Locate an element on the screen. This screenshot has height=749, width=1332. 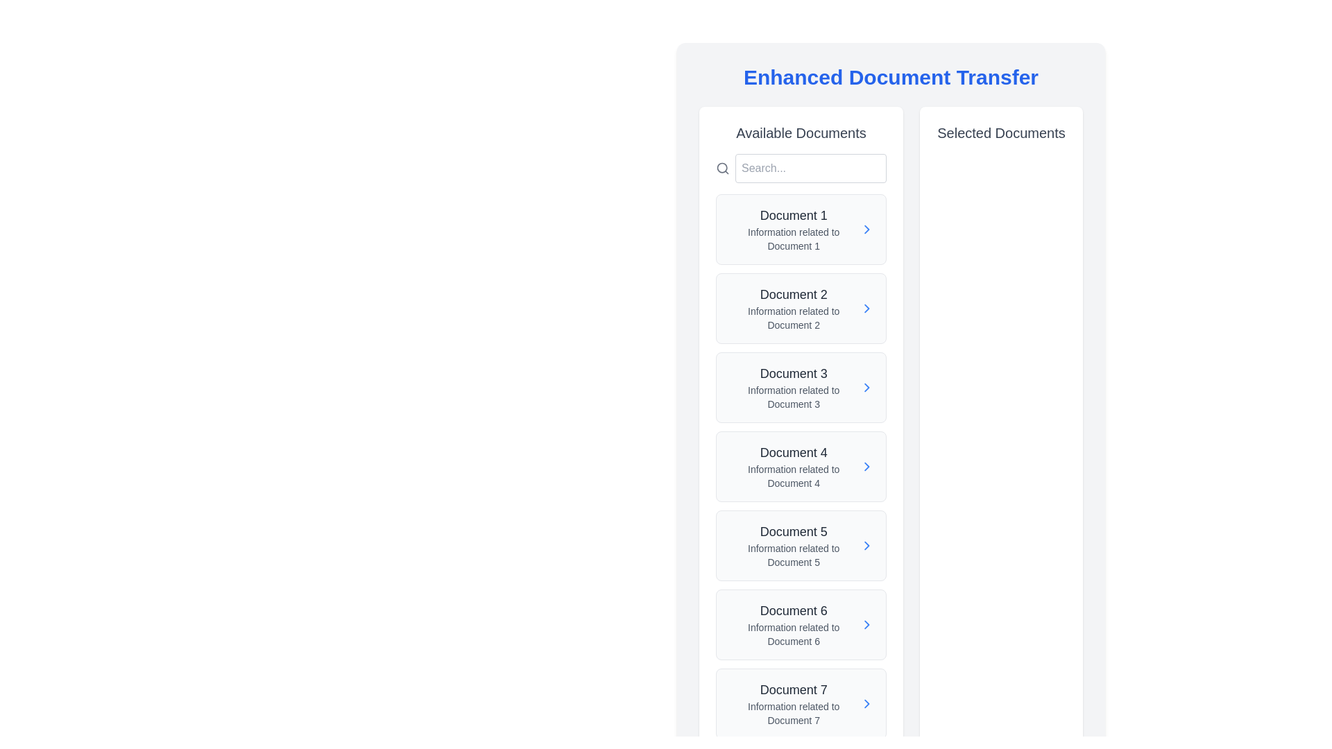
the right-pointing chevron arrow icon styled in blue located within the content box of 'Document 5' is located at coordinates (866, 544).